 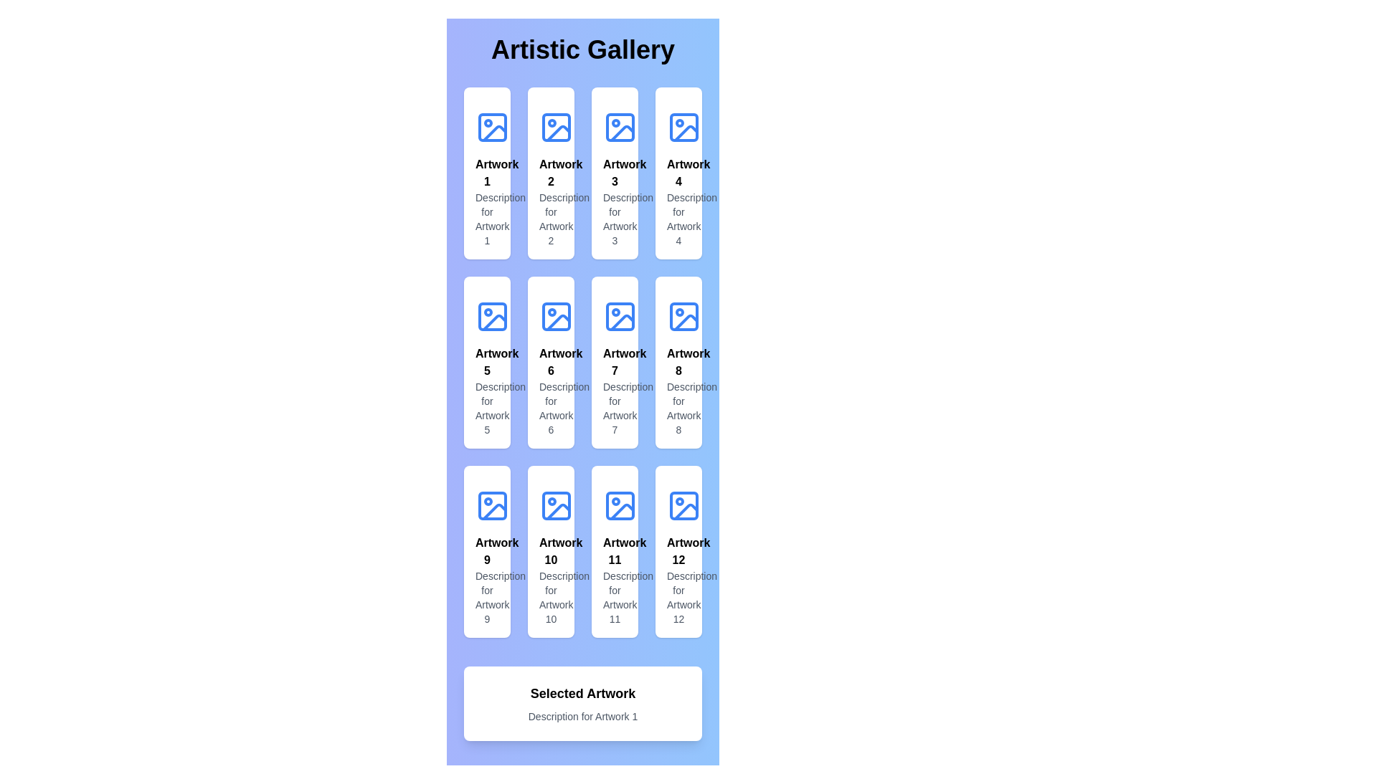 I want to click on description text block located below the title 'Artwork 10' on the card in the third row and second column of the grid layout, so click(x=550, y=597).